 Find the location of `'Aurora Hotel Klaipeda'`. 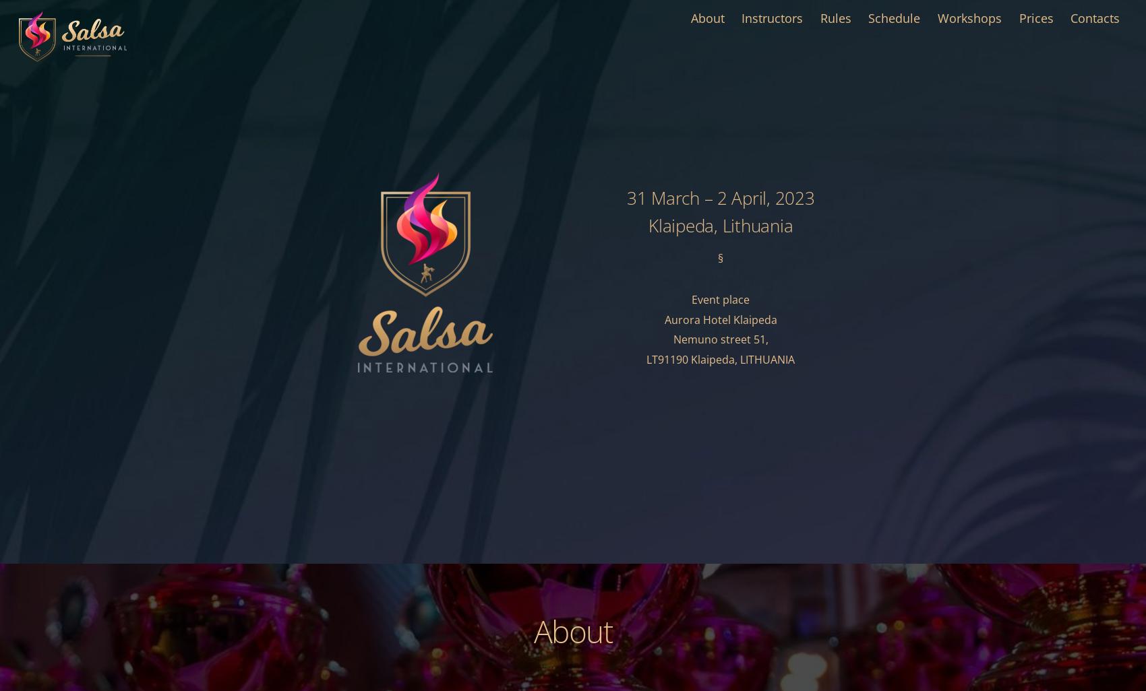

'Aurora Hotel Klaipeda' is located at coordinates (720, 319).